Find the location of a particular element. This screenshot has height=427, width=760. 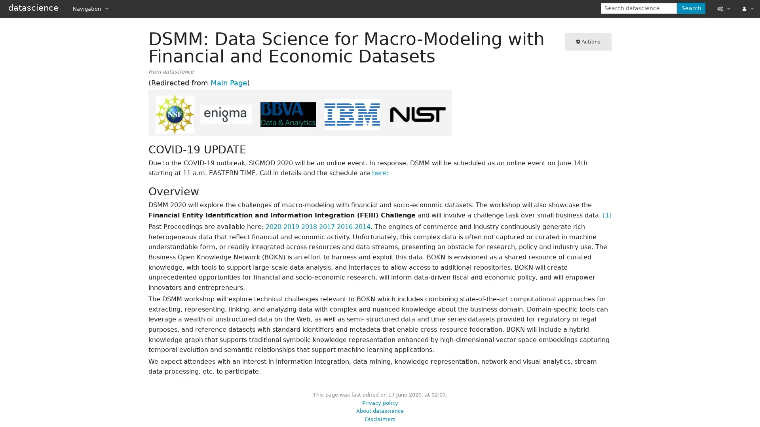

Search is located at coordinates (691, 8).